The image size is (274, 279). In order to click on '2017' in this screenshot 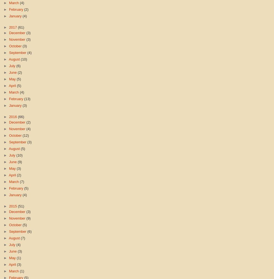, I will do `click(13, 27)`.